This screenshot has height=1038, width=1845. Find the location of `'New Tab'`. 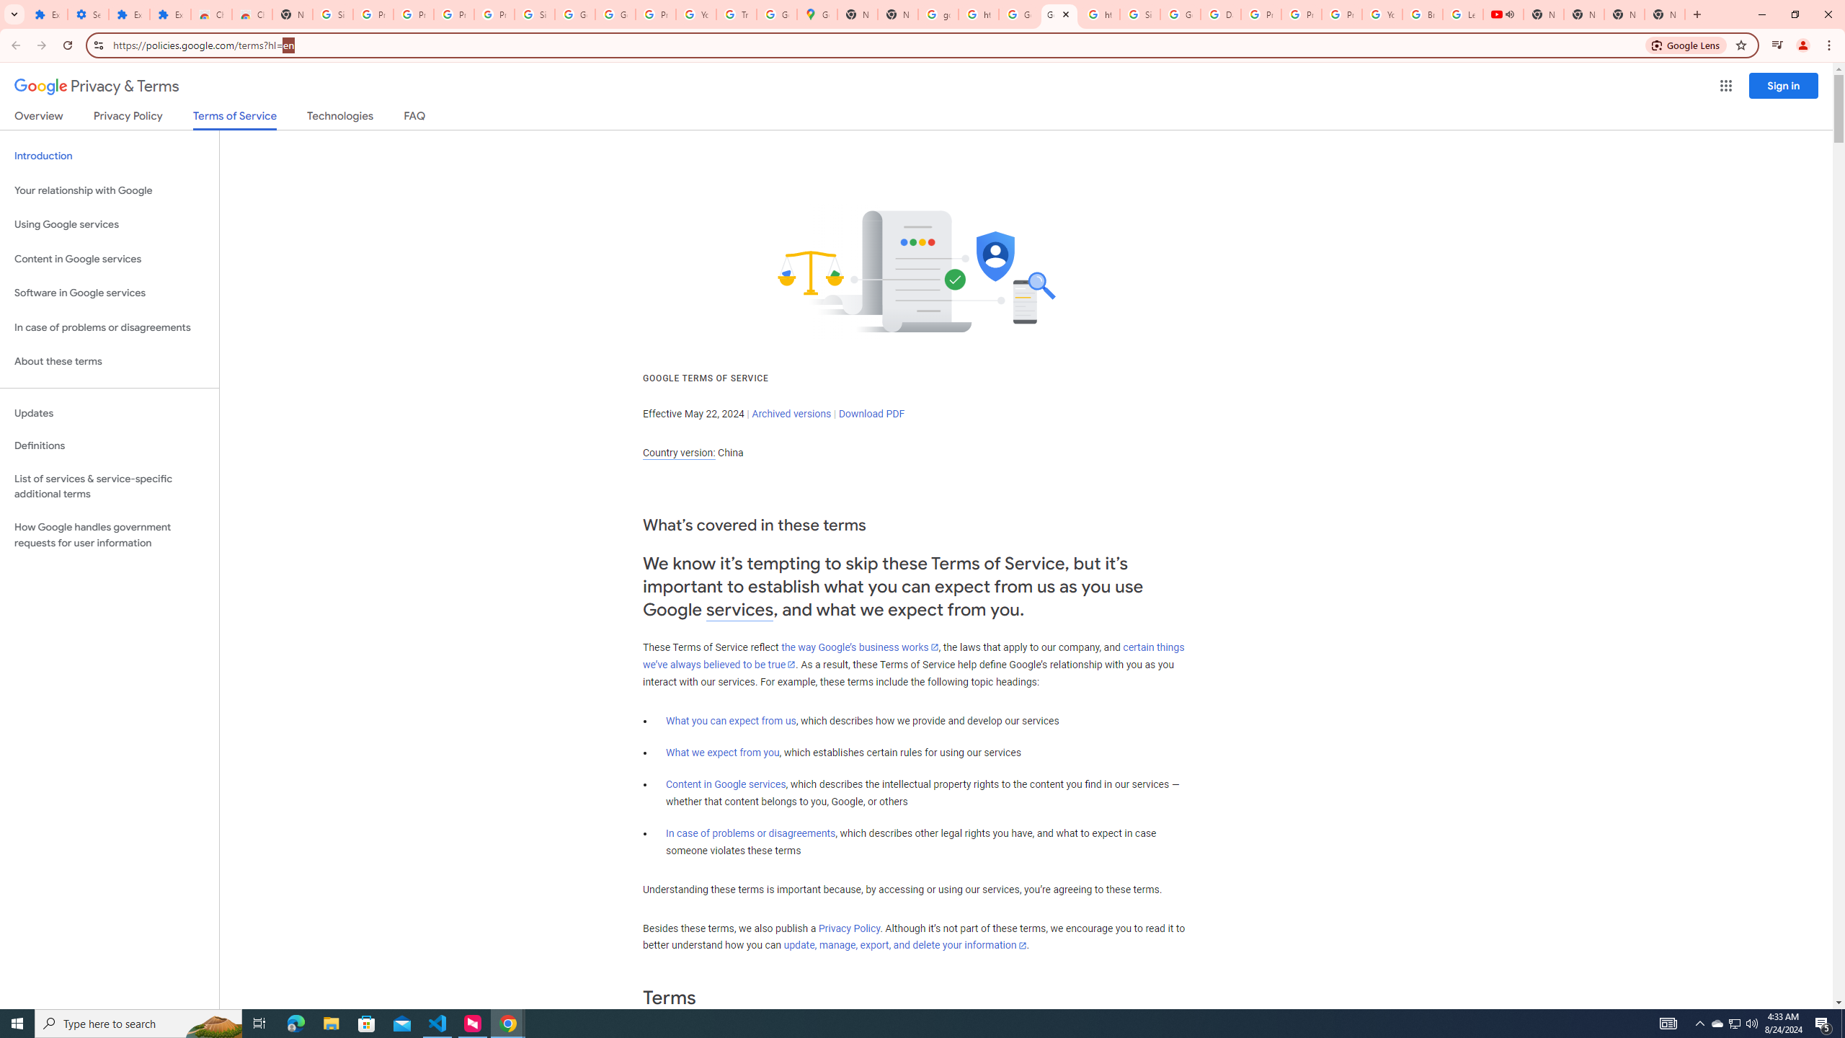

'New Tab' is located at coordinates (1665, 14).